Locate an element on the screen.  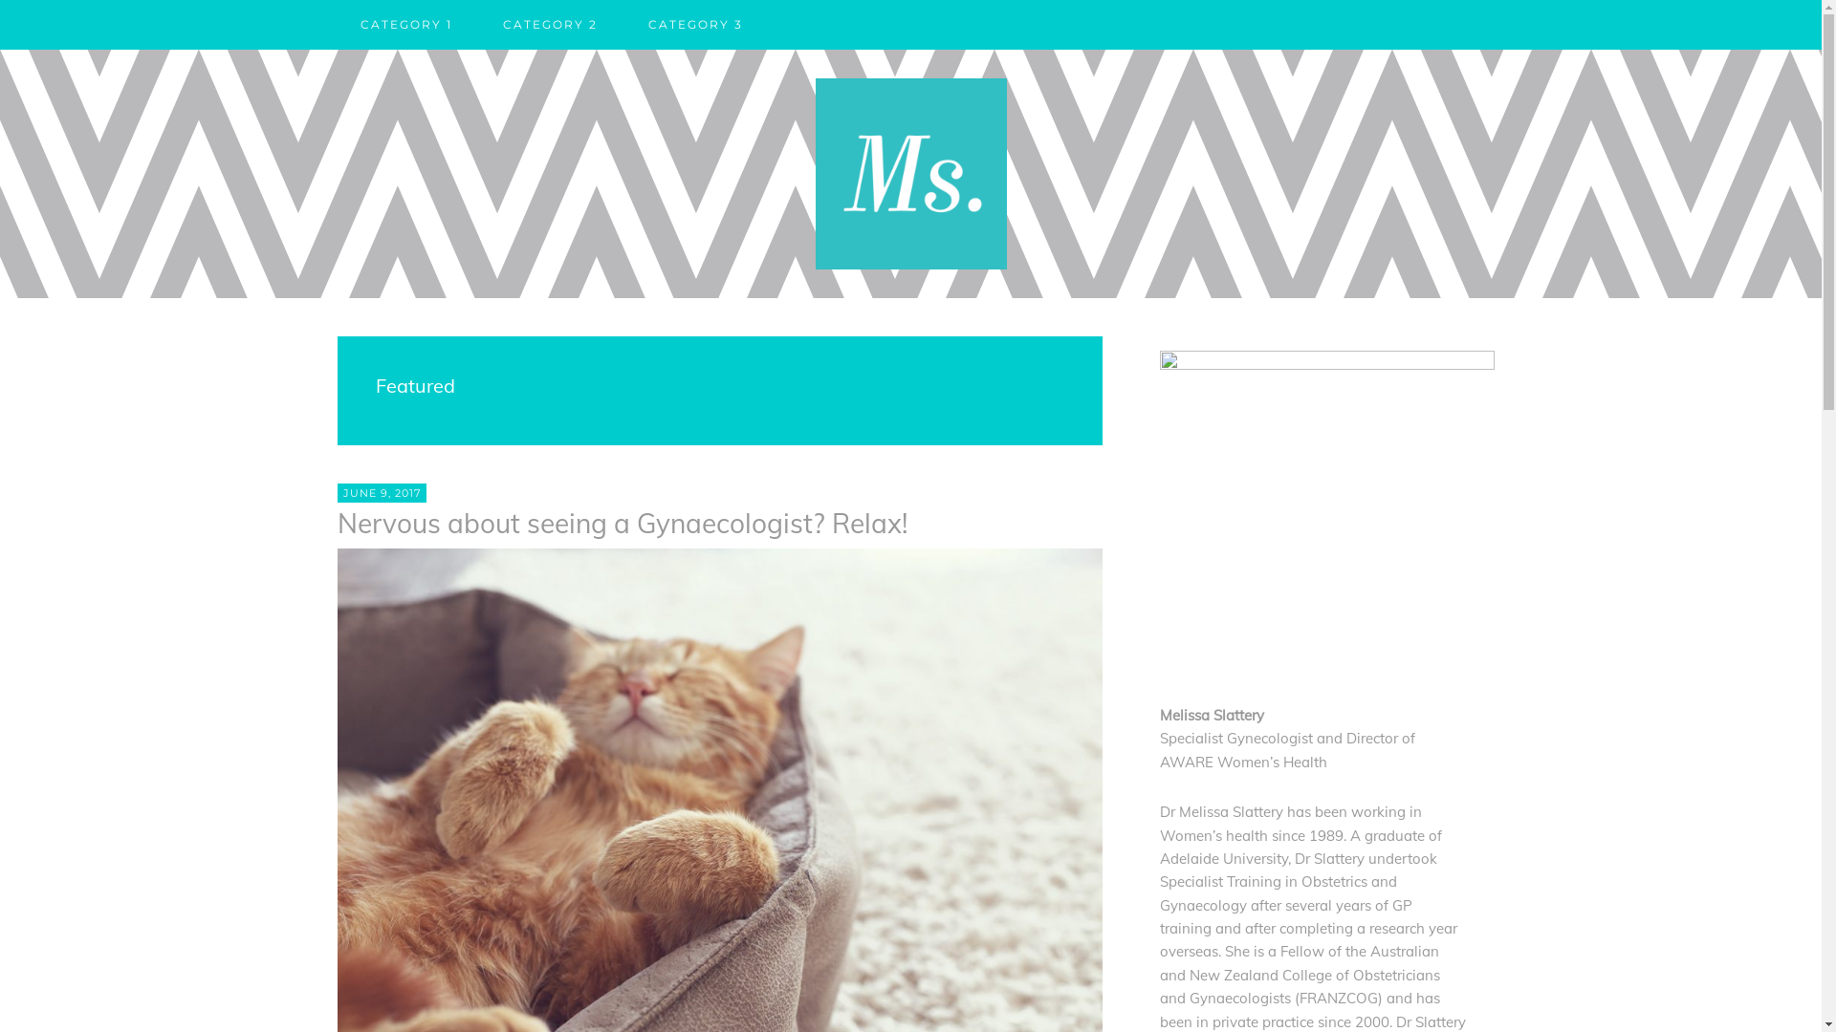
'CATEGORY 3' is located at coordinates (624, 25).